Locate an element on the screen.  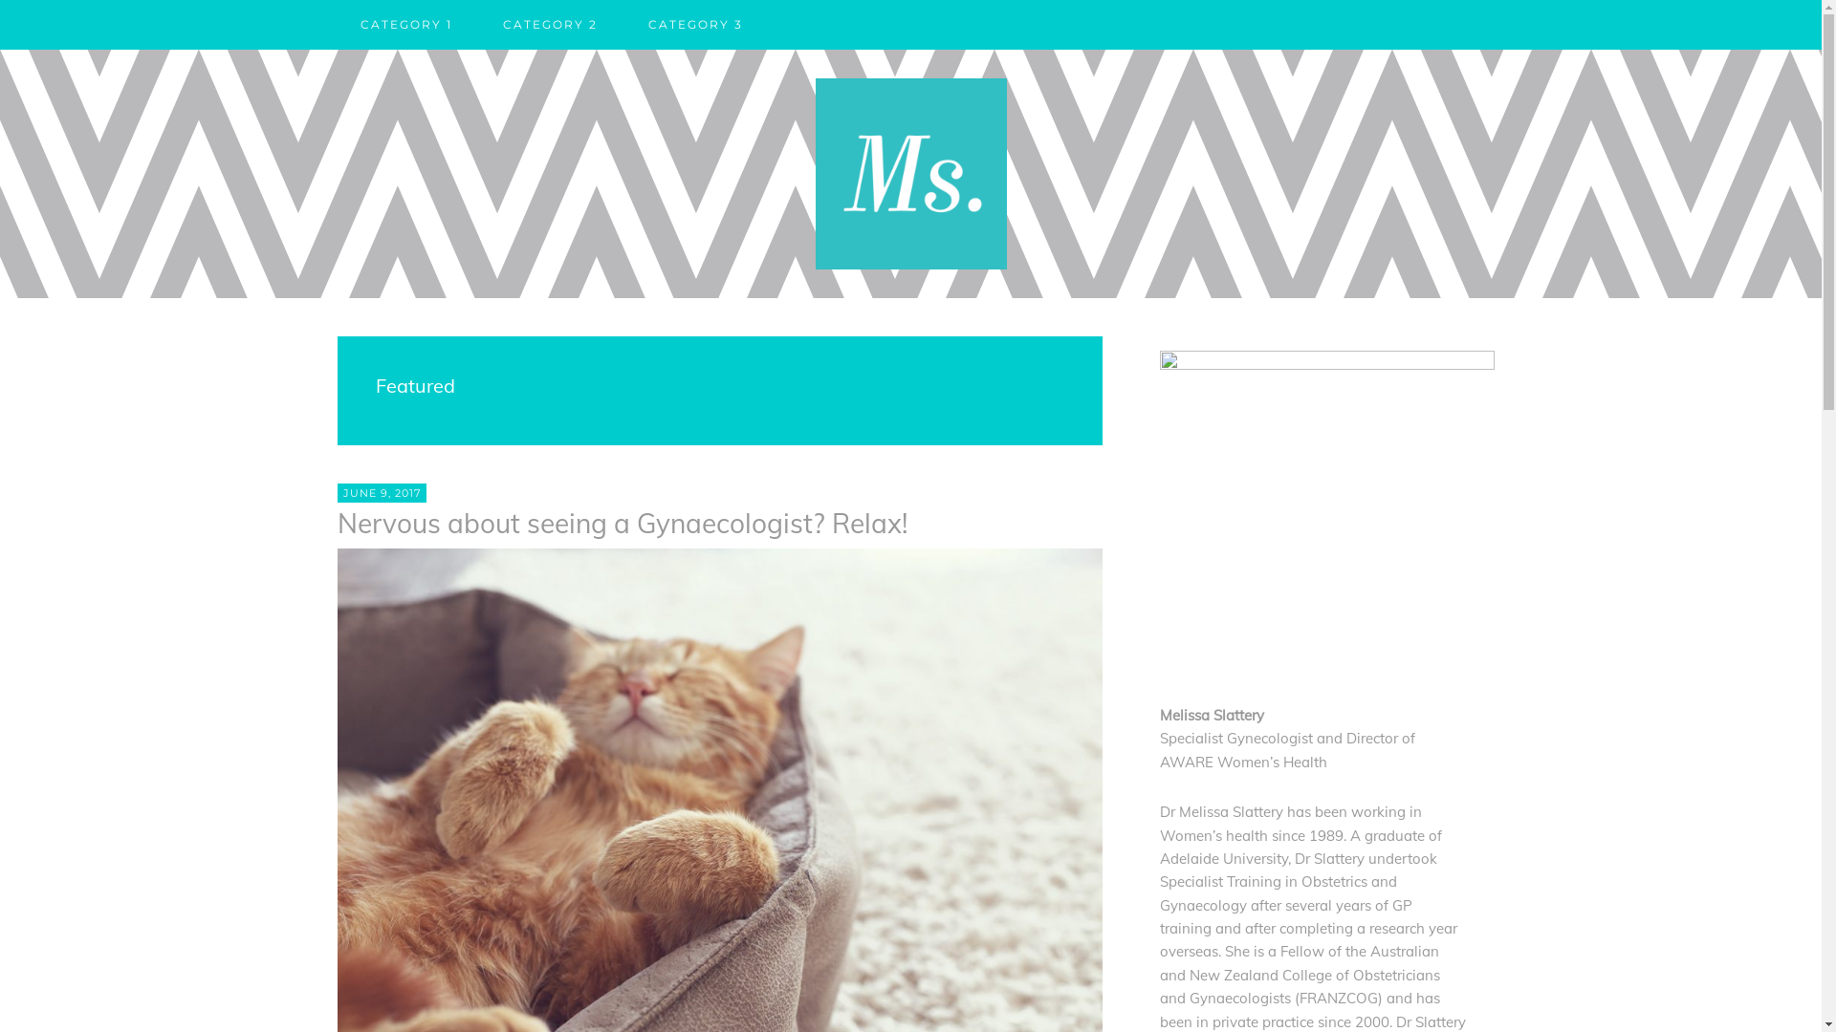
'CATEGORY 3' is located at coordinates (624, 25).